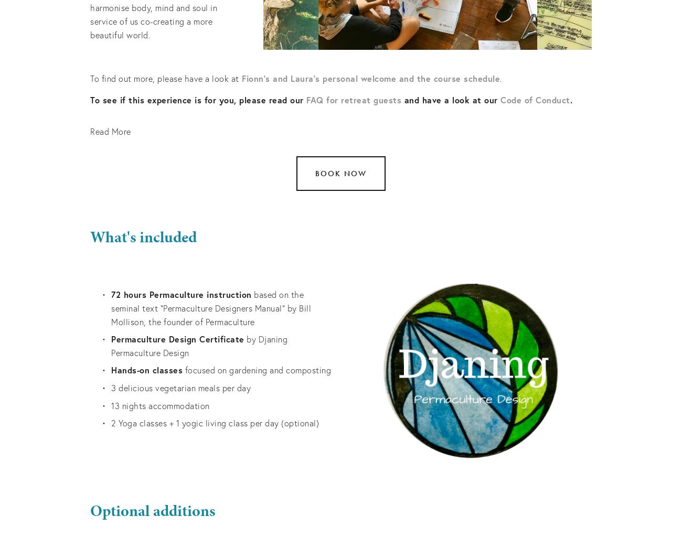  Describe the element at coordinates (180, 386) in the screenshot. I see `'3 delicious vegetarian meals per day'` at that location.